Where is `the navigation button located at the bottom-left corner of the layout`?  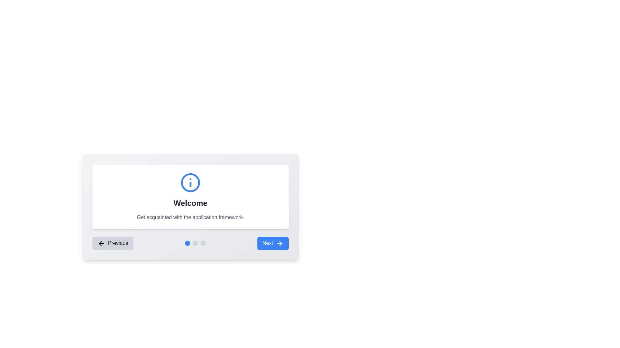
the navigation button located at the bottom-left corner of the layout is located at coordinates (113, 243).